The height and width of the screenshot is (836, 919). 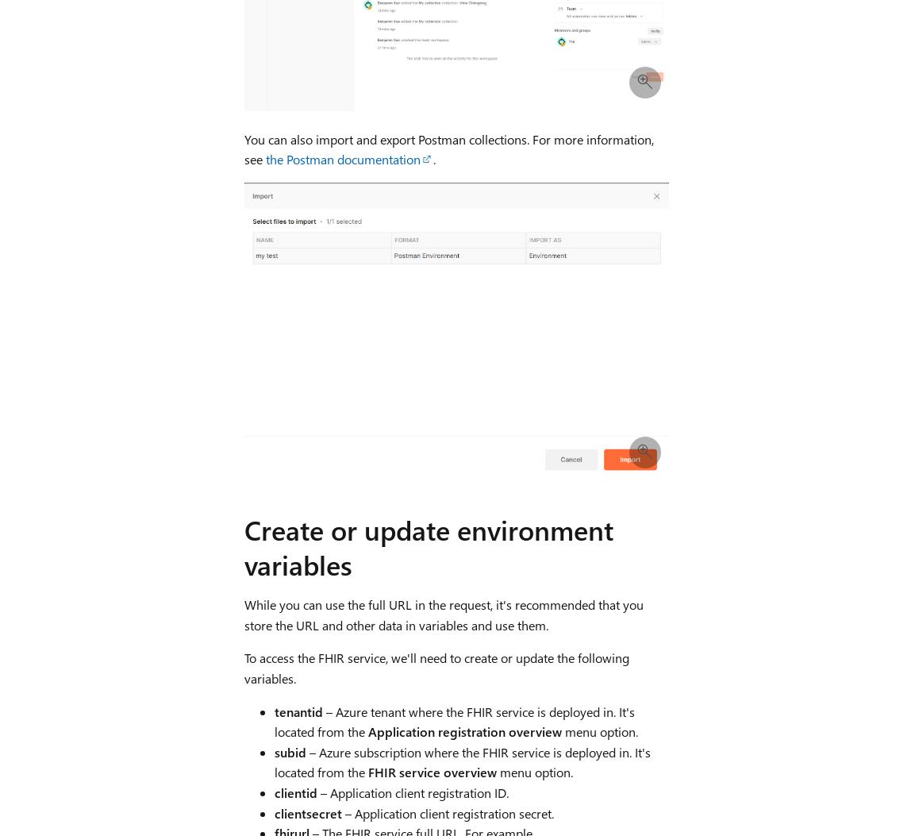 What do you see at coordinates (461, 761) in the screenshot?
I see `'– Azure subscription where the FHIR service is deployed in. It's located from the'` at bounding box center [461, 761].